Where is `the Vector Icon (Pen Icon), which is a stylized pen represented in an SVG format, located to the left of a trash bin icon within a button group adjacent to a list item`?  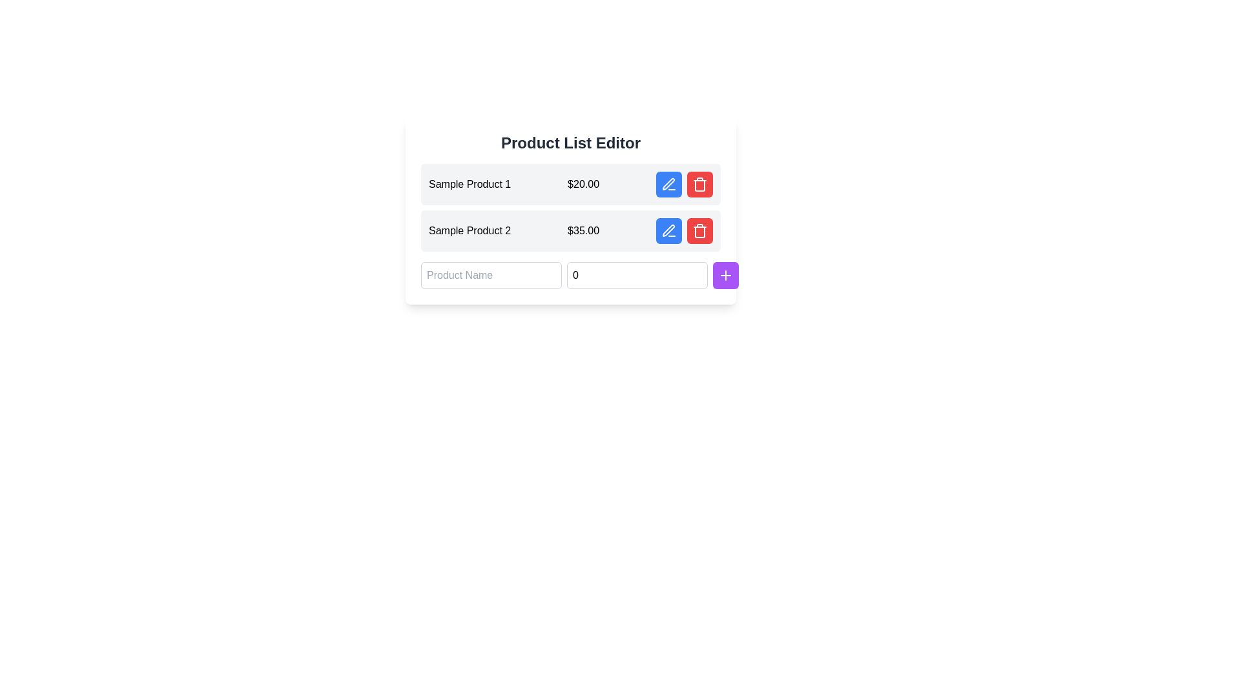
the Vector Icon (Pen Icon), which is a stylized pen represented in an SVG format, located to the left of a trash bin icon within a button group adjacent to a list item is located at coordinates (668, 184).